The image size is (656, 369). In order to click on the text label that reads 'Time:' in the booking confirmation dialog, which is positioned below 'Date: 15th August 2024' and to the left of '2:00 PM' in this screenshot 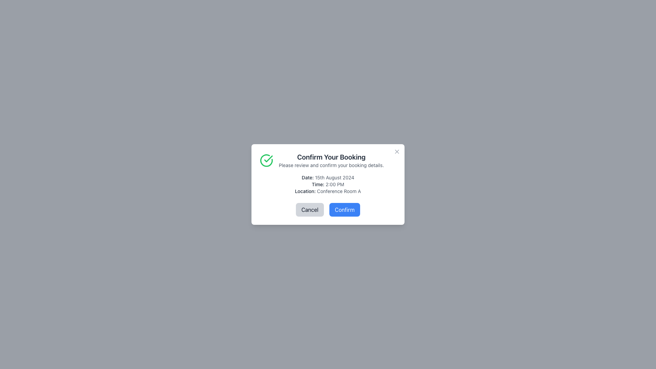, I will do `click(318, 184)`.